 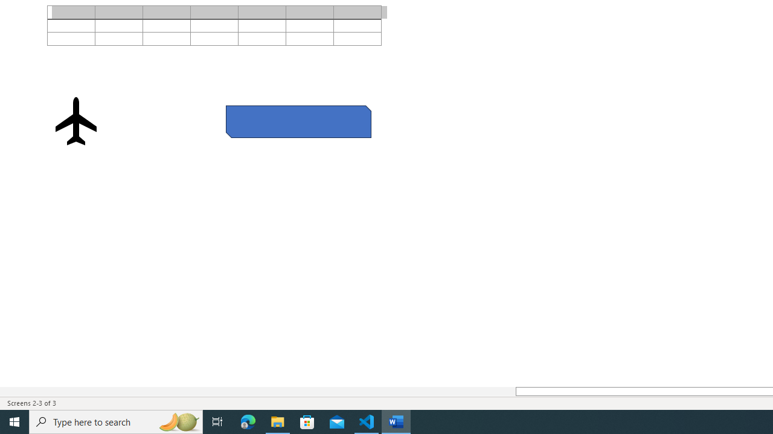 I want to click on 'Airplane with solid fill', so click(x=75, y=121).